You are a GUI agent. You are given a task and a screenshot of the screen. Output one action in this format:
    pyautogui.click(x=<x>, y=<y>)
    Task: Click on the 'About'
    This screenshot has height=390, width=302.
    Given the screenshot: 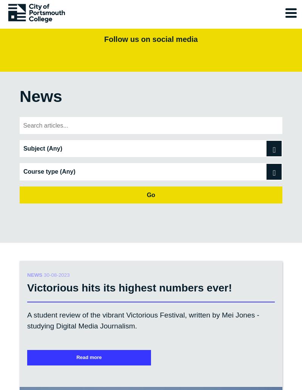 What is the action you would take?
    pyautogui.click(x=29, y=213)
    